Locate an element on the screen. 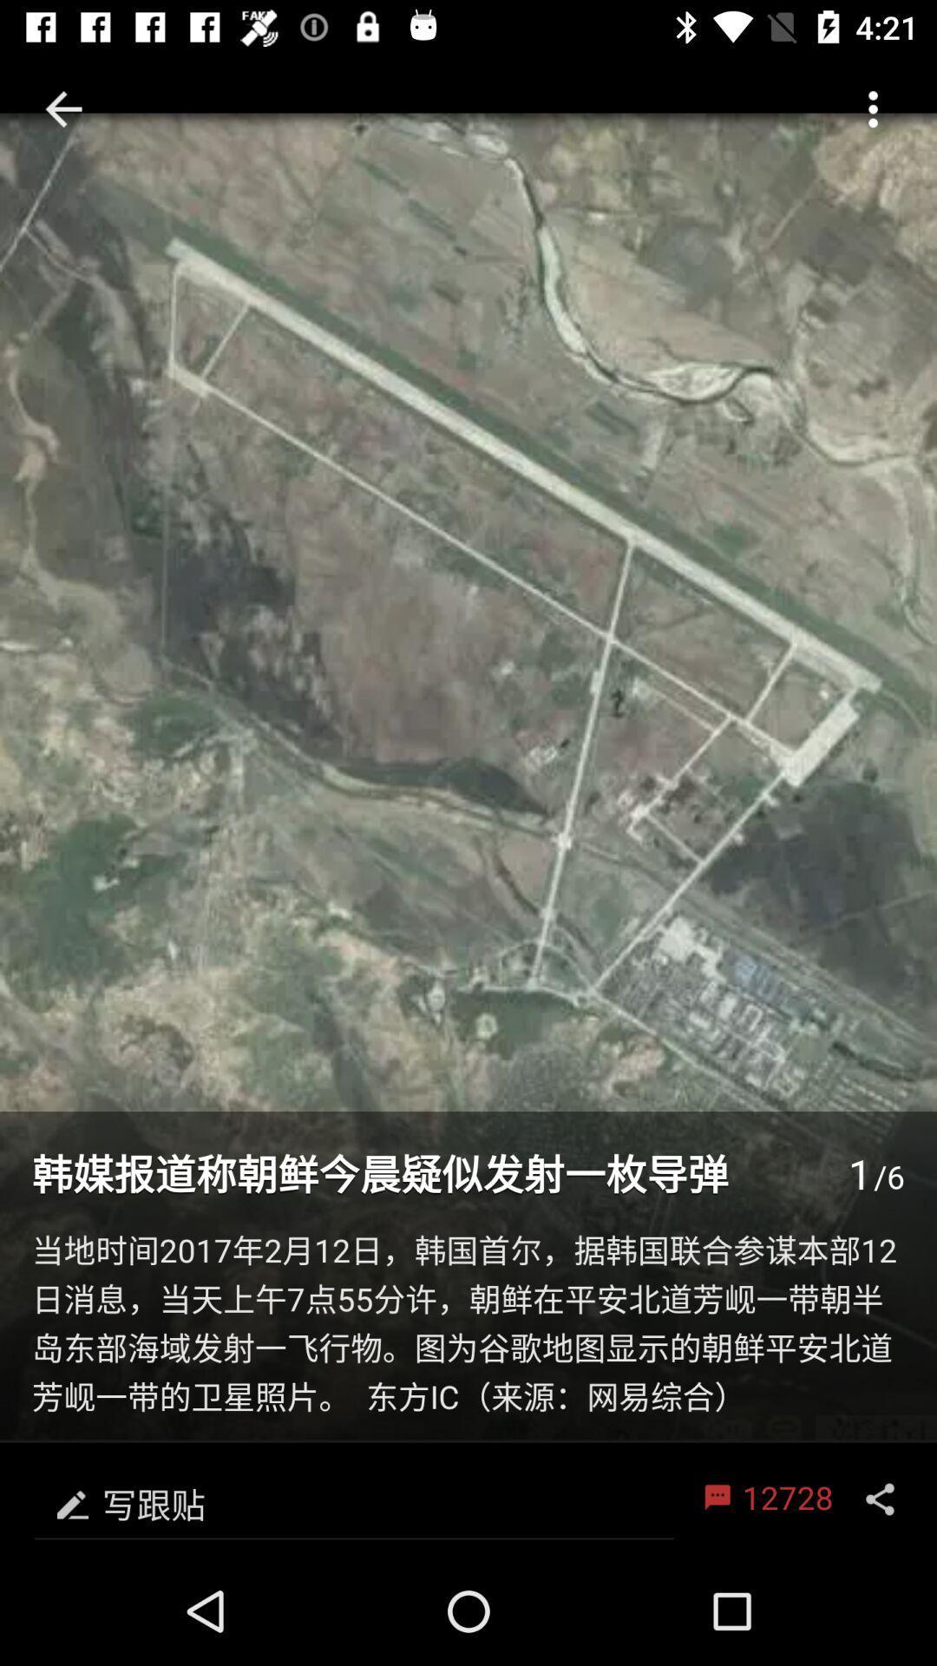 The width and height of the screenshot is (937, 1666). item to the left of the 12728 is located at coordinates (353, 1499).